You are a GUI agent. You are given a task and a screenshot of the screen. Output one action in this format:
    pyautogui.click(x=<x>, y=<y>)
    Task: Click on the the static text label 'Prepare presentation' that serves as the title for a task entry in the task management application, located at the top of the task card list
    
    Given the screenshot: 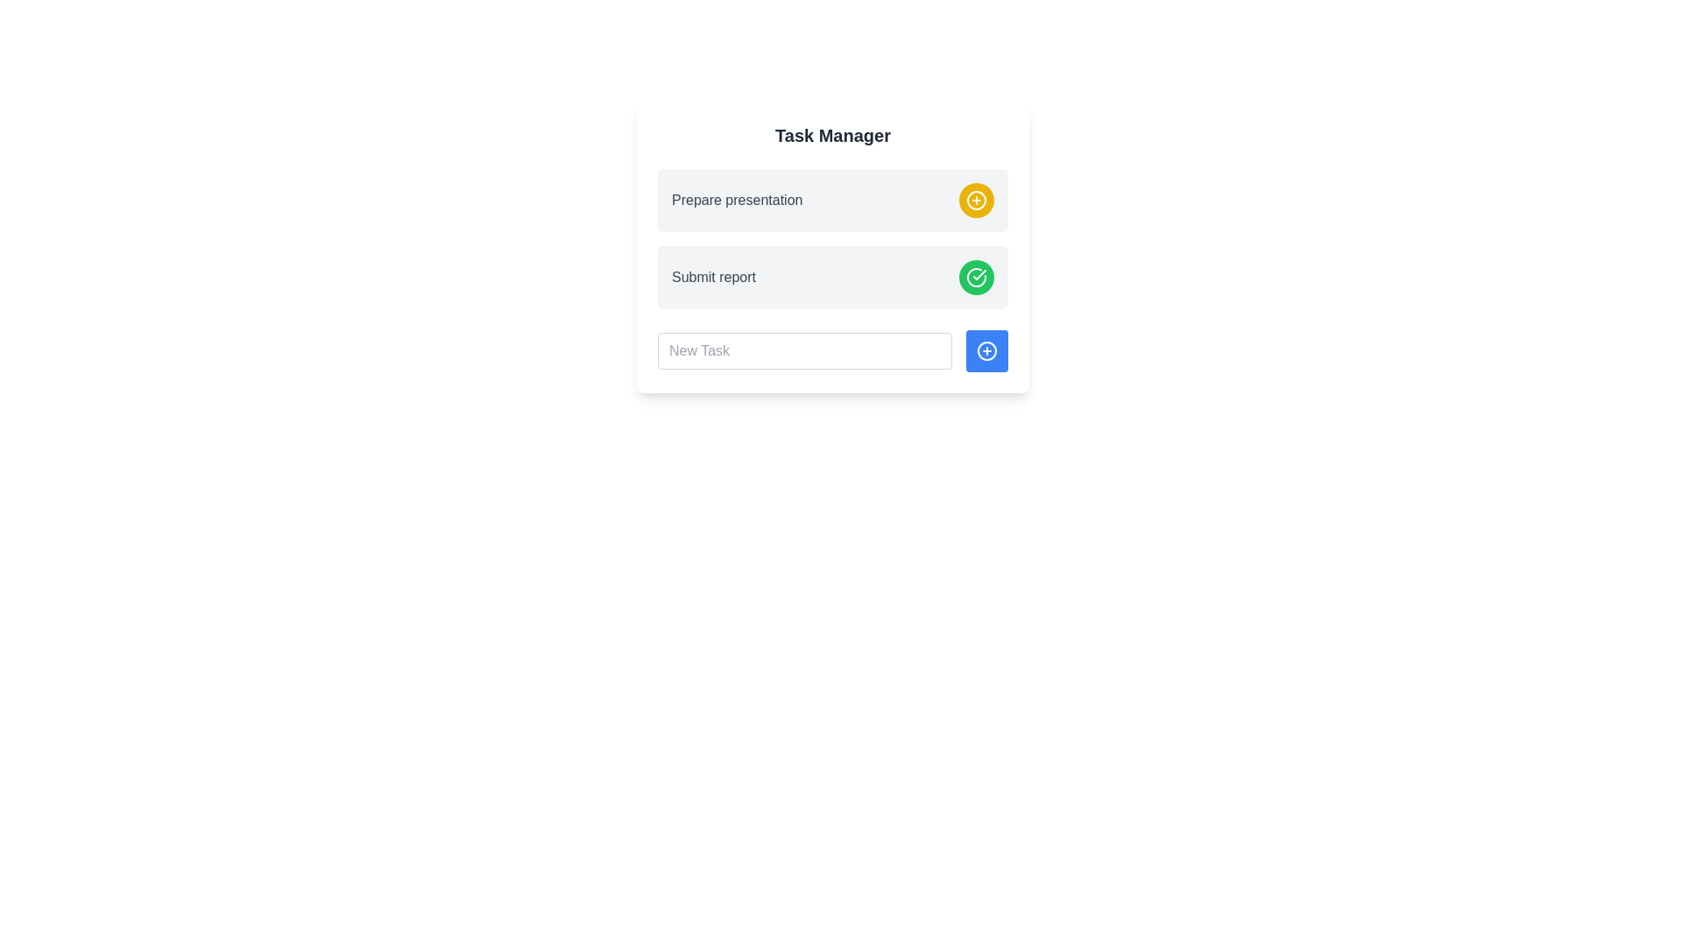 What is the action you would take?
    pyautogui.click(x=737, y=199)
    